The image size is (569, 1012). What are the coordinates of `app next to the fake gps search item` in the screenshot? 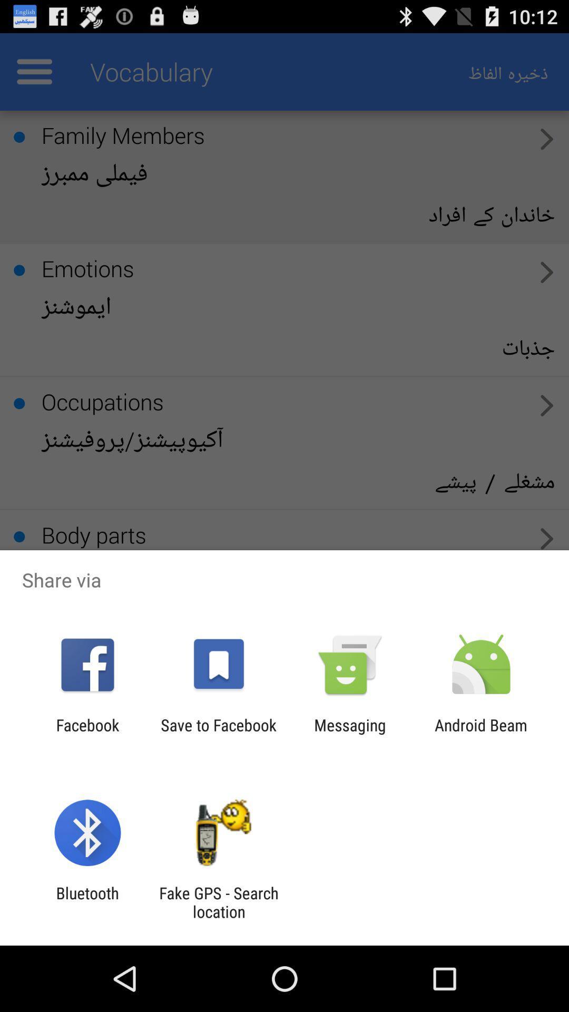 It's located at (87, 902).